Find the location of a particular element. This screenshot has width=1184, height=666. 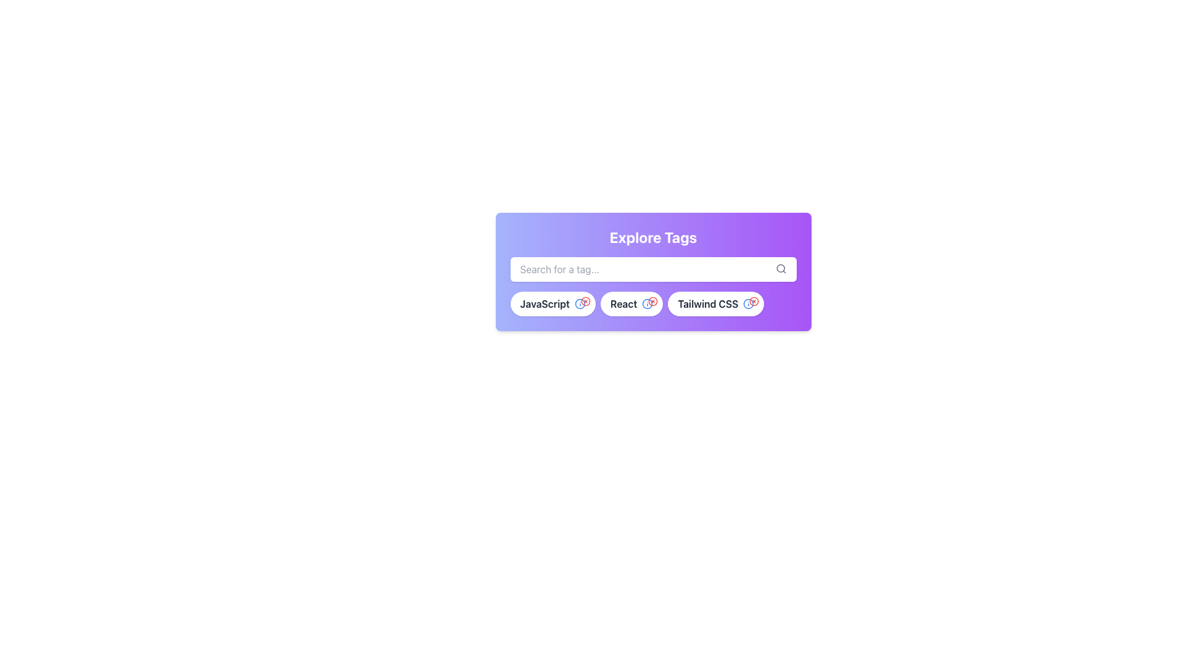

the 'React' tag, which is the second element in the horizontal list of programming-related keywords located beneath the 'Explore Tags' heading is located at coordinates (631, 304).